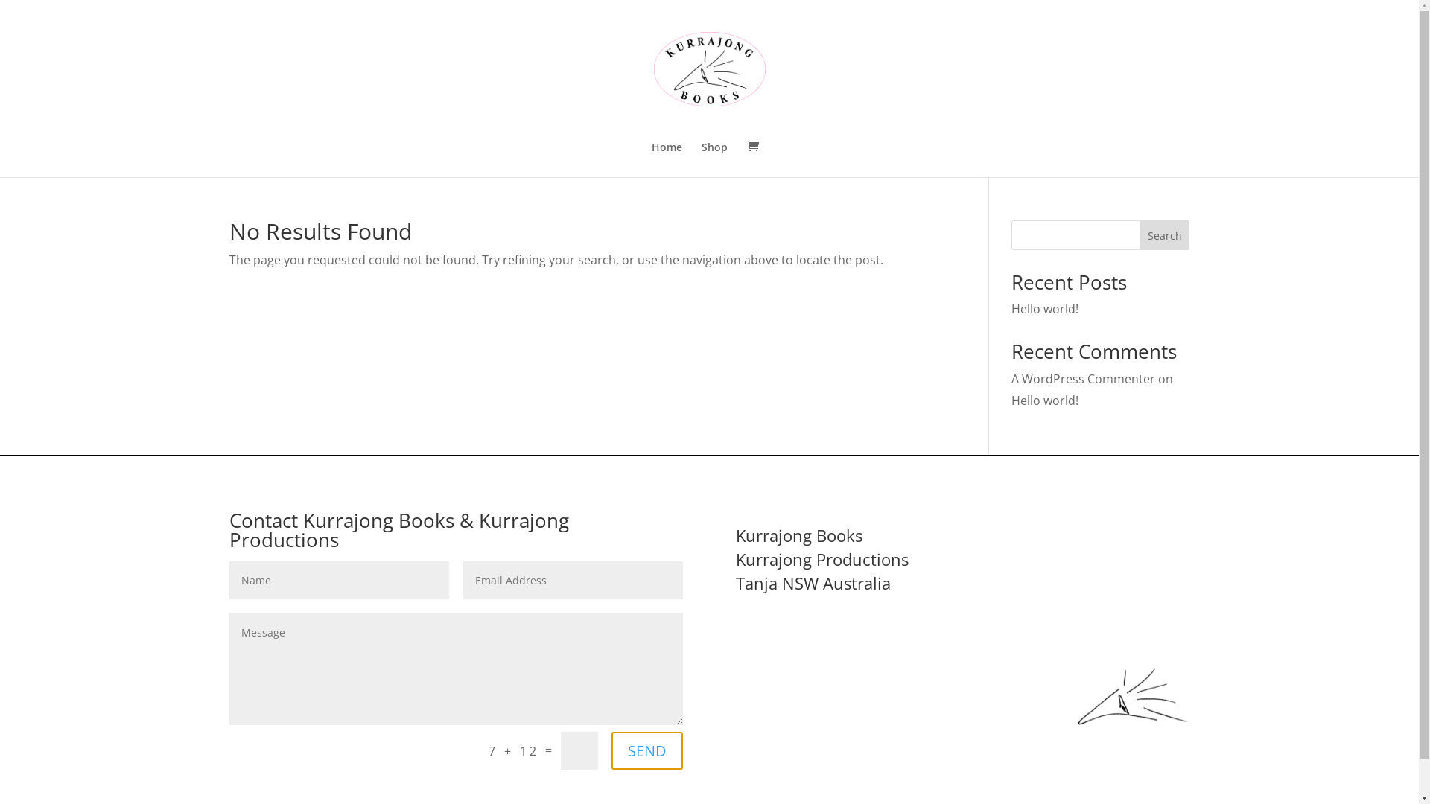 This screenshot has height=804, width=1430. Describe the element at coordinates (1139, 234) in the screenshot. I see `'Search'` at that location.